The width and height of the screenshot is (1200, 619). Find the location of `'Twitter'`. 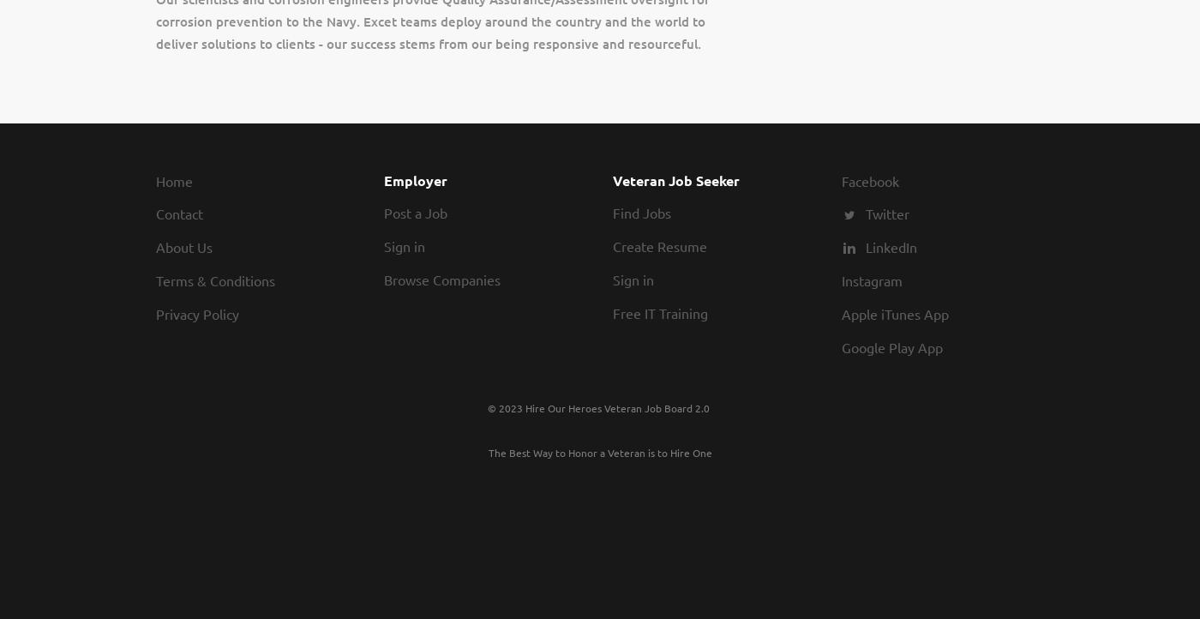

'Twitter' is located at coordinates (886, 213).